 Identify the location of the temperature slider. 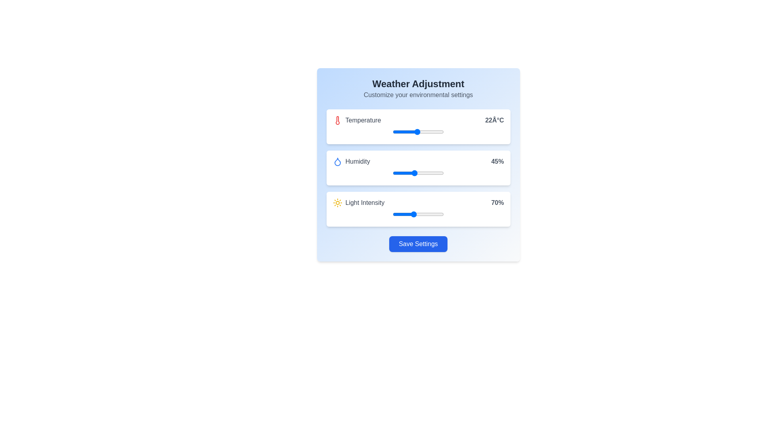
(427, 131).